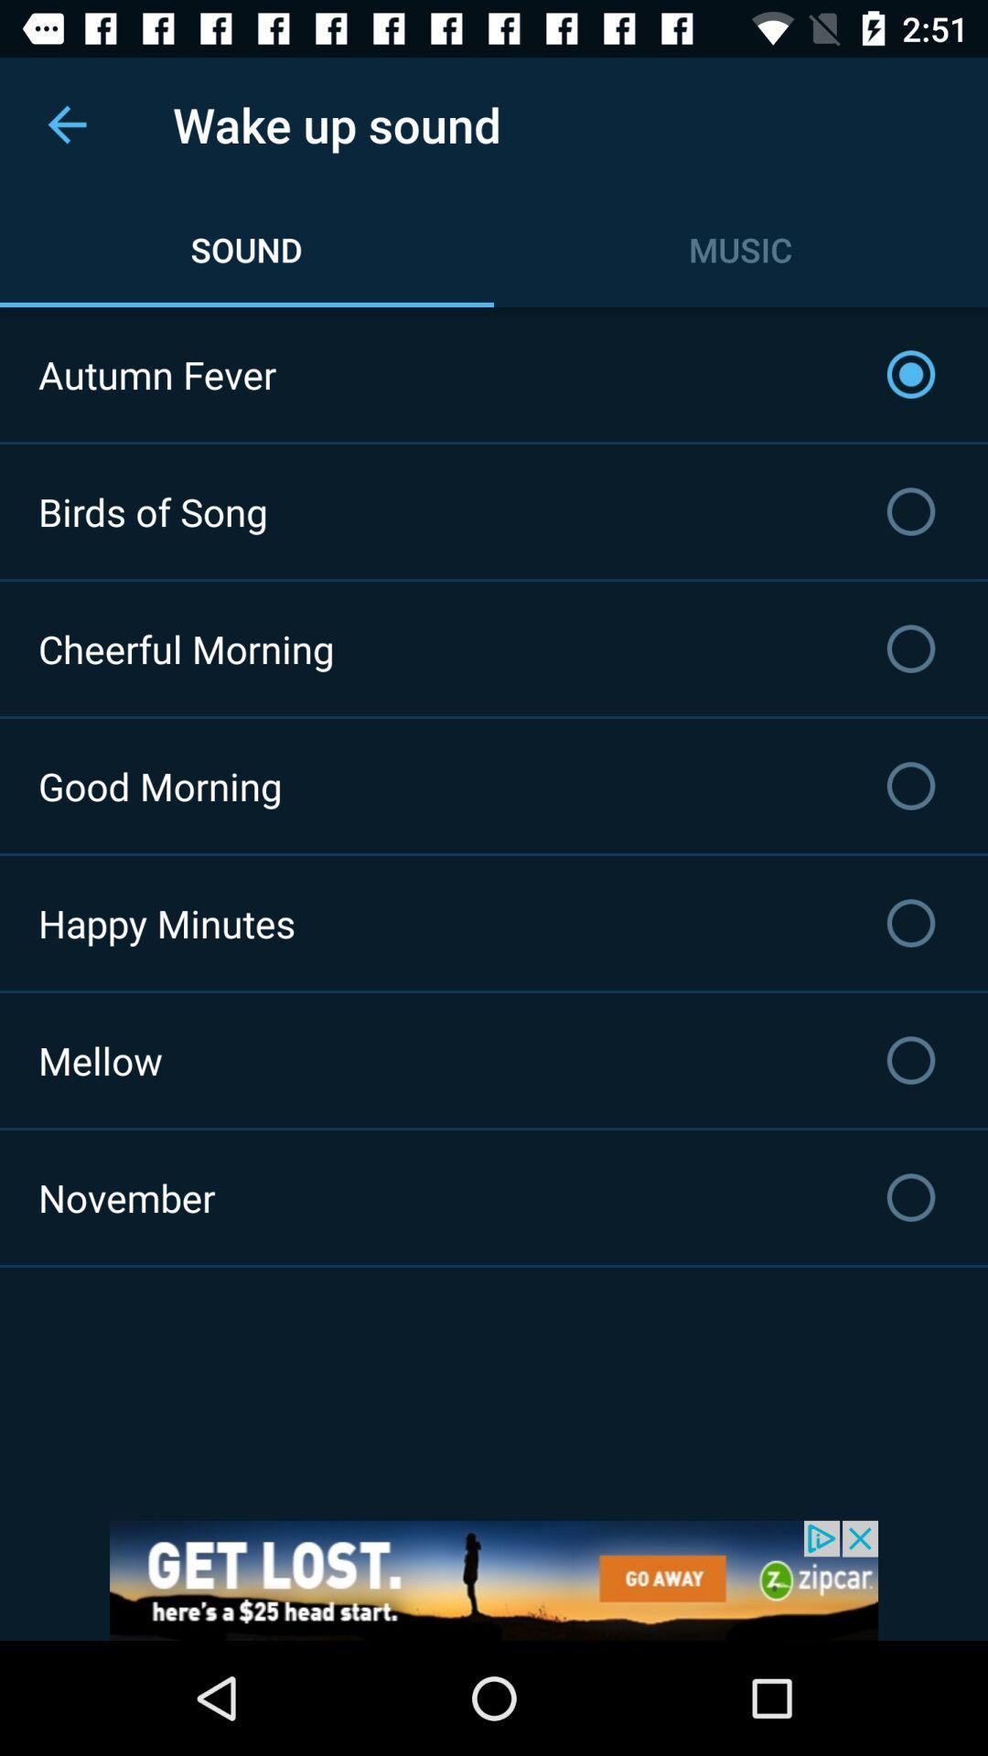  I want to click on the item to the left of the wake up sound item, so click(66, 123).